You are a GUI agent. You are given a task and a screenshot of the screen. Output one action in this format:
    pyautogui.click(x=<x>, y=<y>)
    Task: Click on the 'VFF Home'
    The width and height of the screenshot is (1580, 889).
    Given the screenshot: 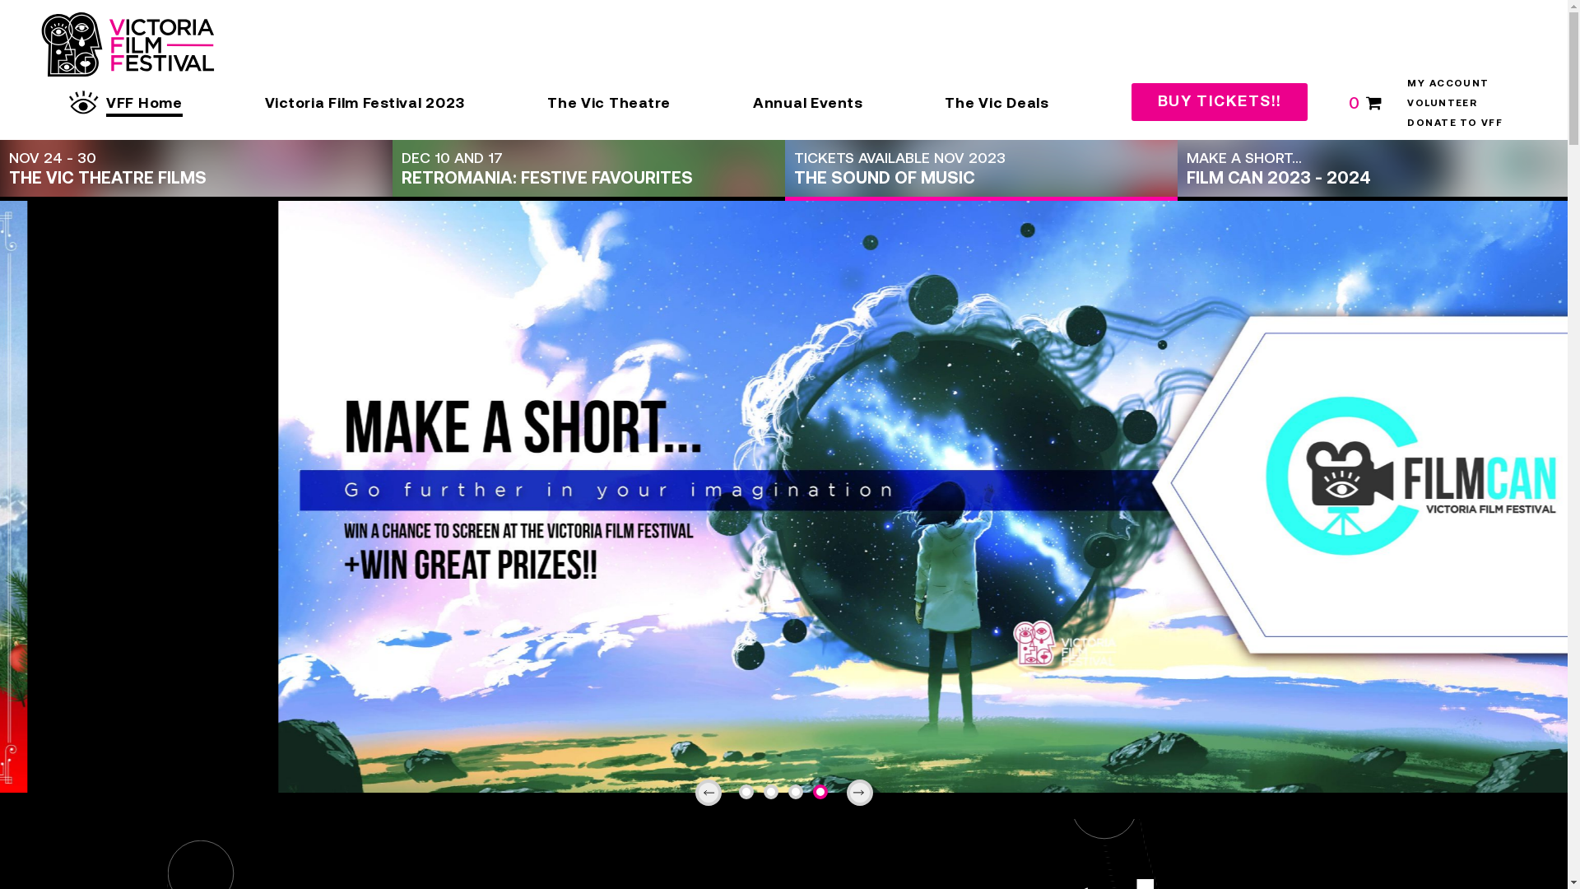 What is the action you would take?
    pyautogui.click(x=144, y=101)
    